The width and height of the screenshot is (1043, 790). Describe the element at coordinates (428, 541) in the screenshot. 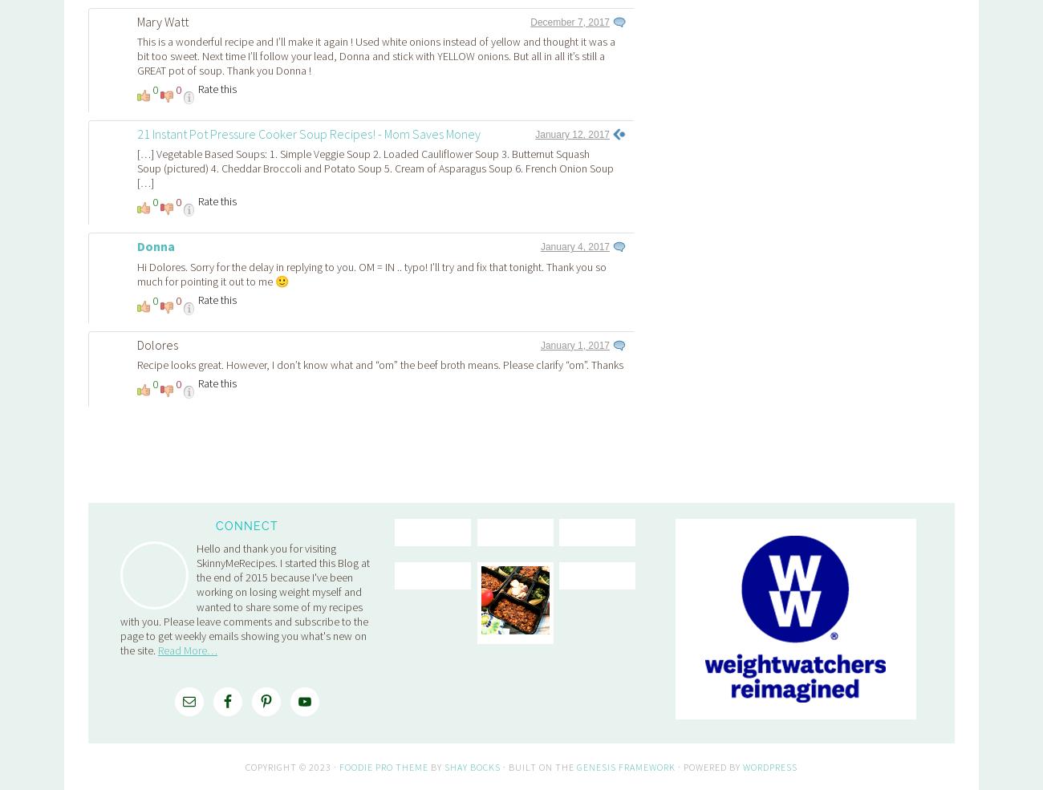

I see `'by'` at that location.